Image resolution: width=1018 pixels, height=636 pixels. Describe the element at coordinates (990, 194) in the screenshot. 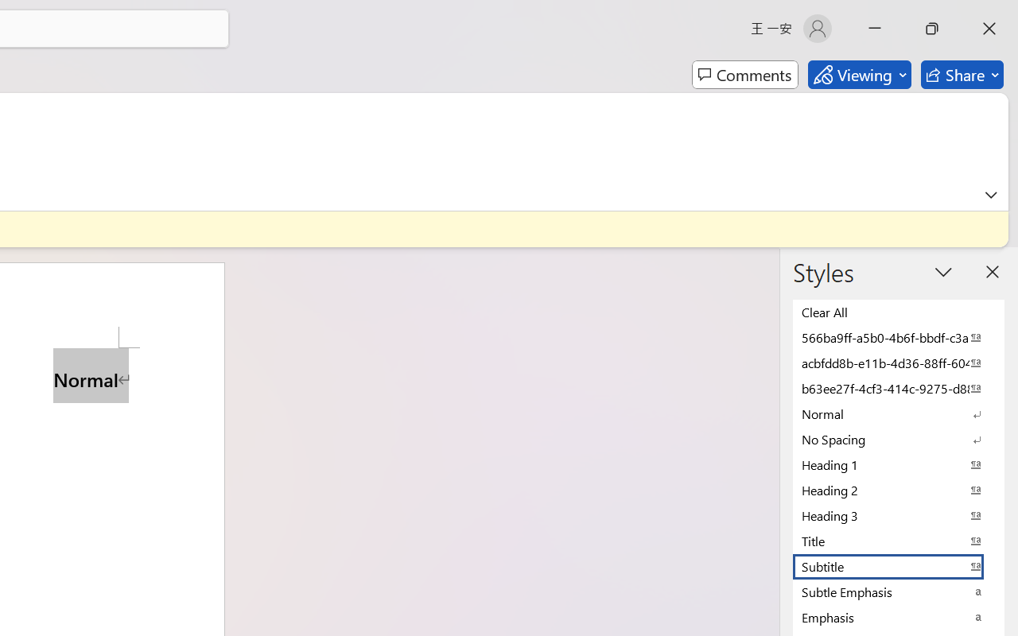

I see `'Ribbon Display Options'` at that location.